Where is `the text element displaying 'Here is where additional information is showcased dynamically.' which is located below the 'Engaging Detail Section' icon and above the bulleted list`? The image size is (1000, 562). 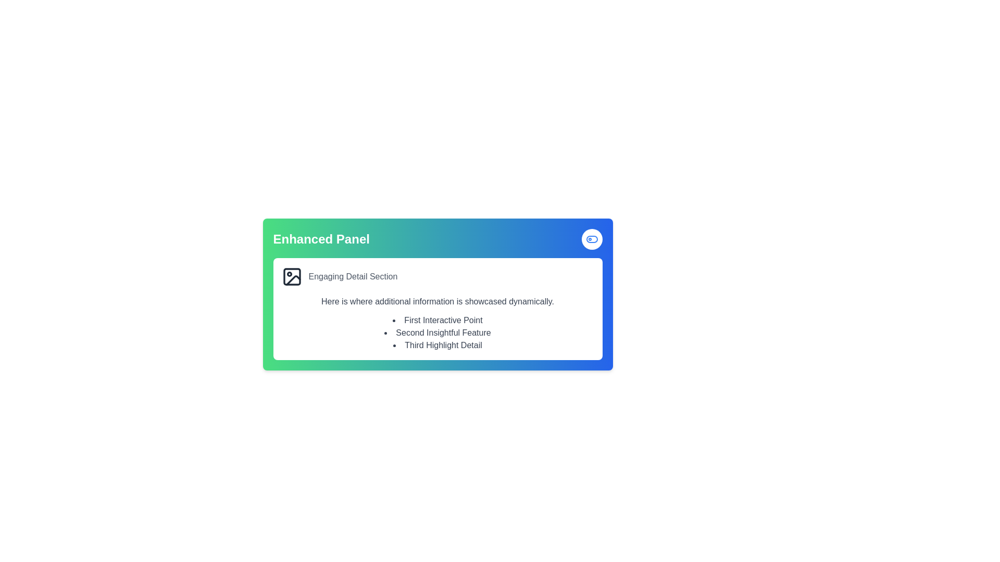
the text element displaying 'Here is where additional information is showcased dynamically.' which is located below the 'Engaging Detail Section' icon and above the bulleted list is located at coordinates (438, 301).